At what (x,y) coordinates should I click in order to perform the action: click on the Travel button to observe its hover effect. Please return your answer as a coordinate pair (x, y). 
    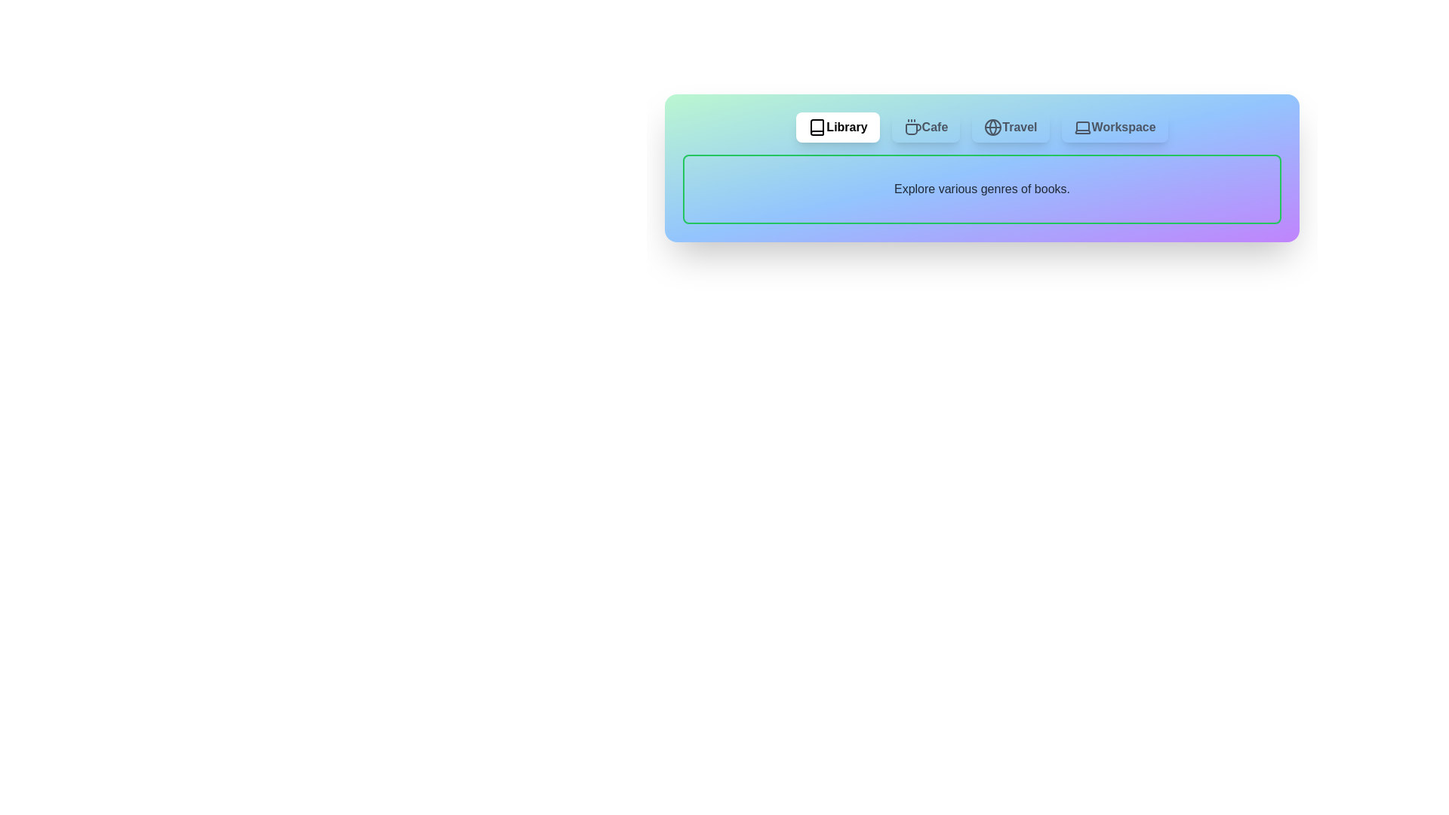
    Looking at the image, I should click on (1011, 127).